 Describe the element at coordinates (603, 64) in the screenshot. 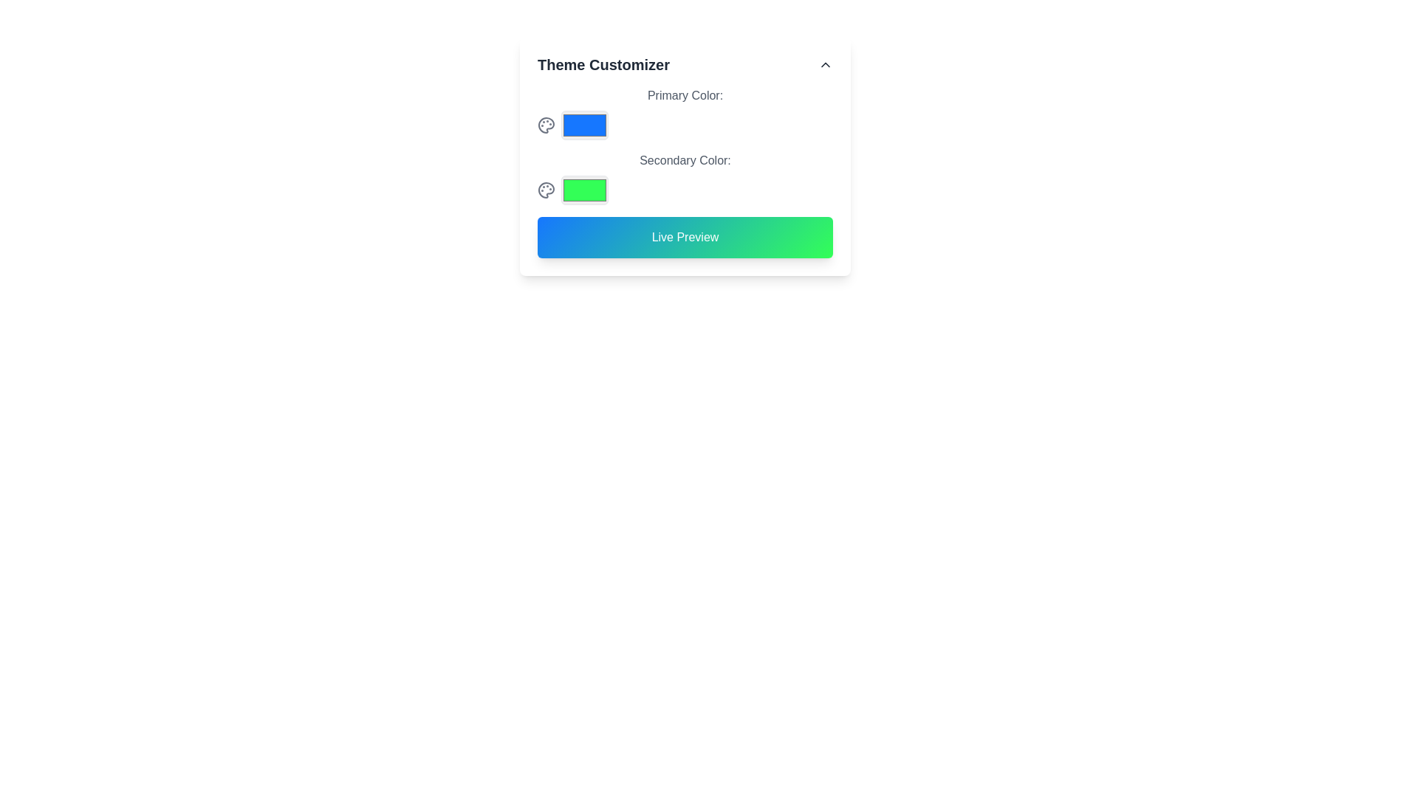

I see `the text header labeled 'Theme Customizer', which is styled in bold, large dark gray font and positioned prominently at the top of its section` at that location.